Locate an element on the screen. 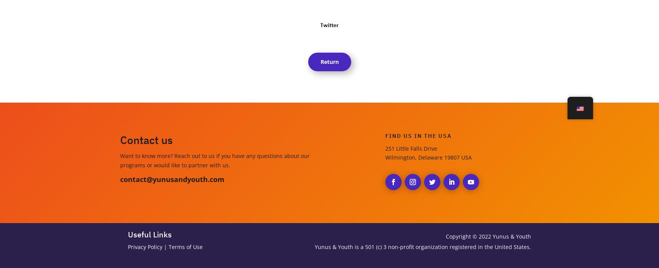 The image size is (659, 268). 'contact@yunusandyouth.com' is located at coordinates (172, 179).